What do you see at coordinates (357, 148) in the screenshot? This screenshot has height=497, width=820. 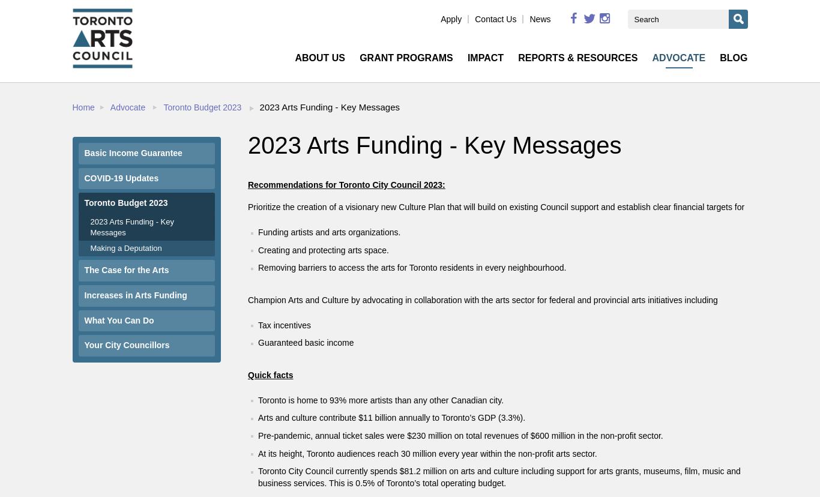 I see `'Reporting on Your Grant'` at bounding box center [357, 148].